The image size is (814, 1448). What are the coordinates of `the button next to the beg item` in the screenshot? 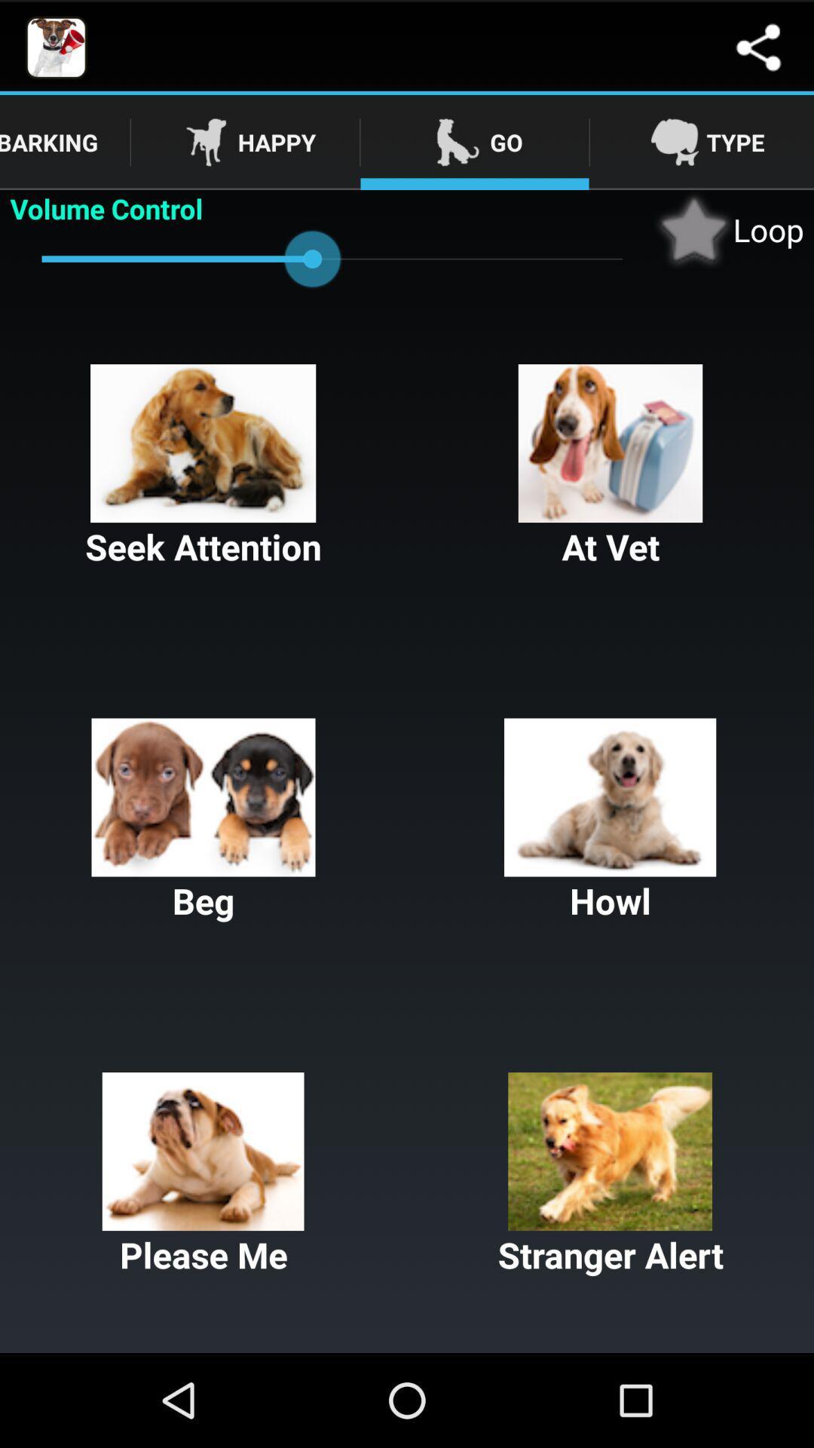 It's located at (610, 821).